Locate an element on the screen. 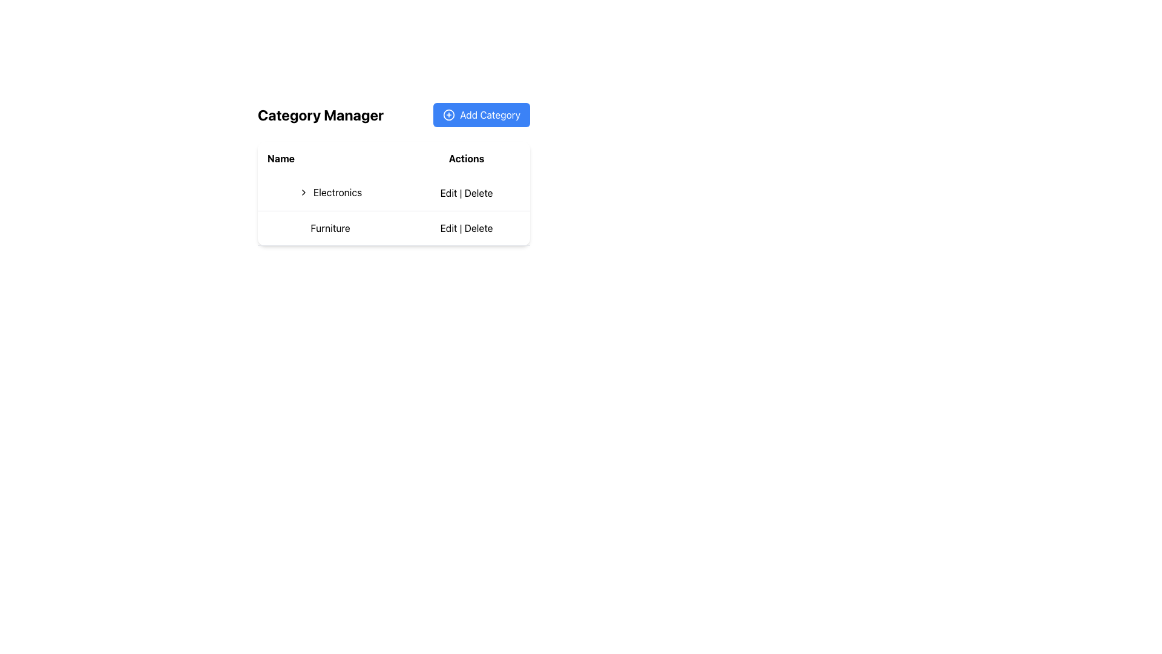  the 'Furniture' text label is located at coordinates (330, 228).